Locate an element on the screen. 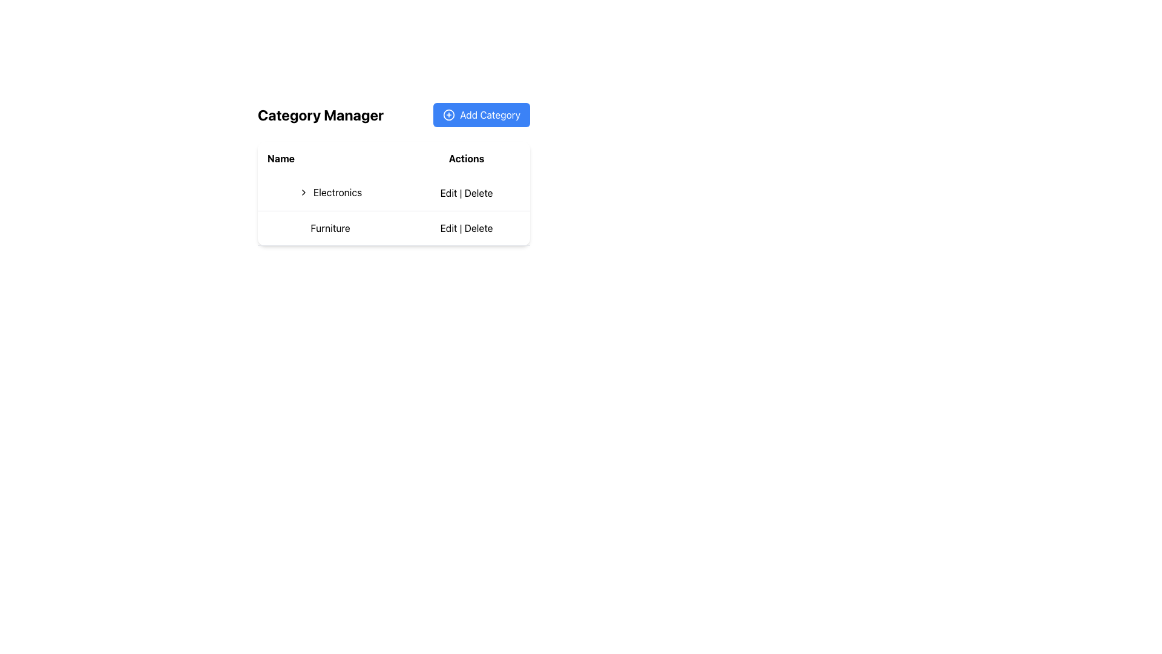  the 'Furniture' text label is located at coordinates (330, 228).